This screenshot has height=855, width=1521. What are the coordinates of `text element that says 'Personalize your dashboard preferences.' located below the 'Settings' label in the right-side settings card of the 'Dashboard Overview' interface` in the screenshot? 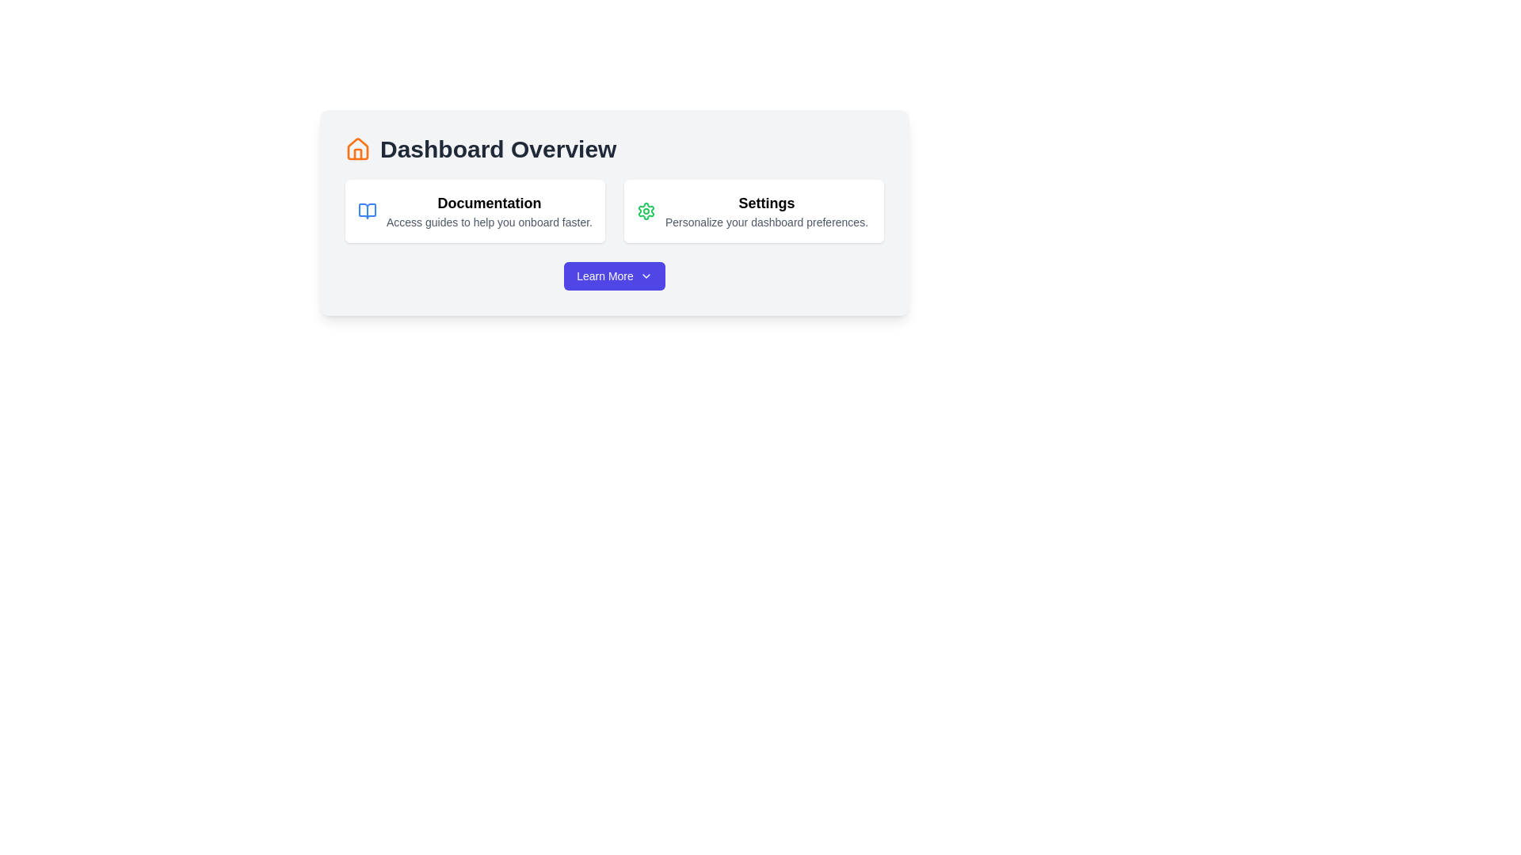 It's located at (767, 222).